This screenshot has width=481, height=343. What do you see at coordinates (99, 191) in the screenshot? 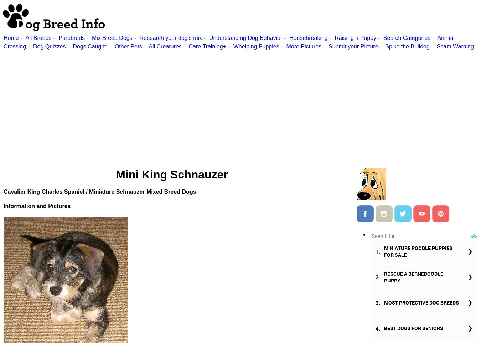
I see `'Cavalier King Charles Spaniel / Miniature Schnauzer Mixed Breed Dogs'` at bounding box center [99, 191].